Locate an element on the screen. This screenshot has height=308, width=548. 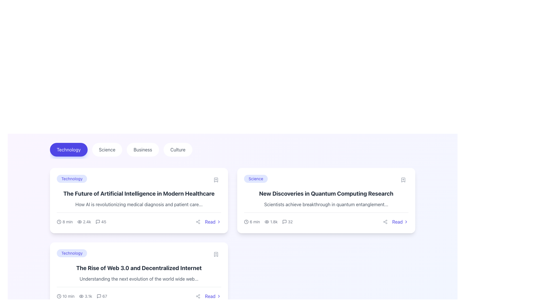
the time representation icon located at the bottom left of the card under the 'Technology' tab, which visually indicates a duration of '8 min.' is located at coordinates (59, 222).